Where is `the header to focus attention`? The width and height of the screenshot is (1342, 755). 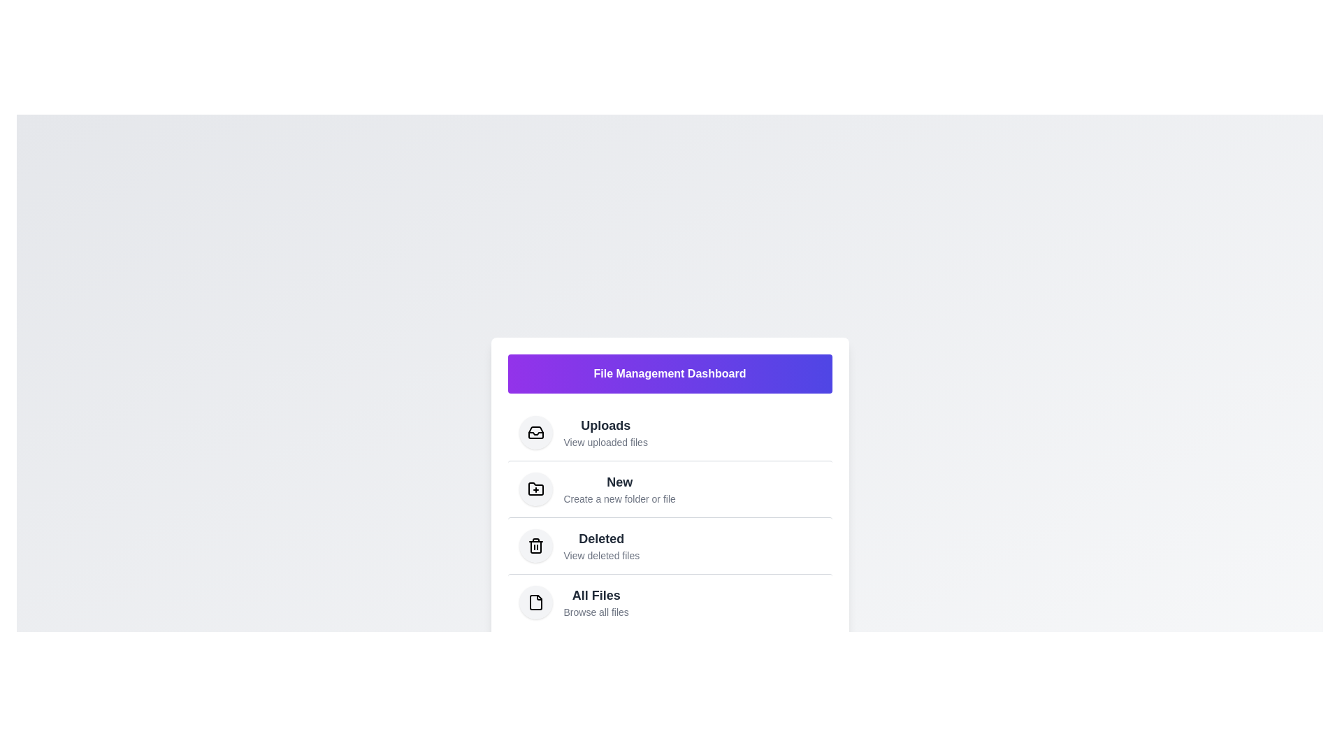 the header to focus attention is located at coordinates (669, 373).